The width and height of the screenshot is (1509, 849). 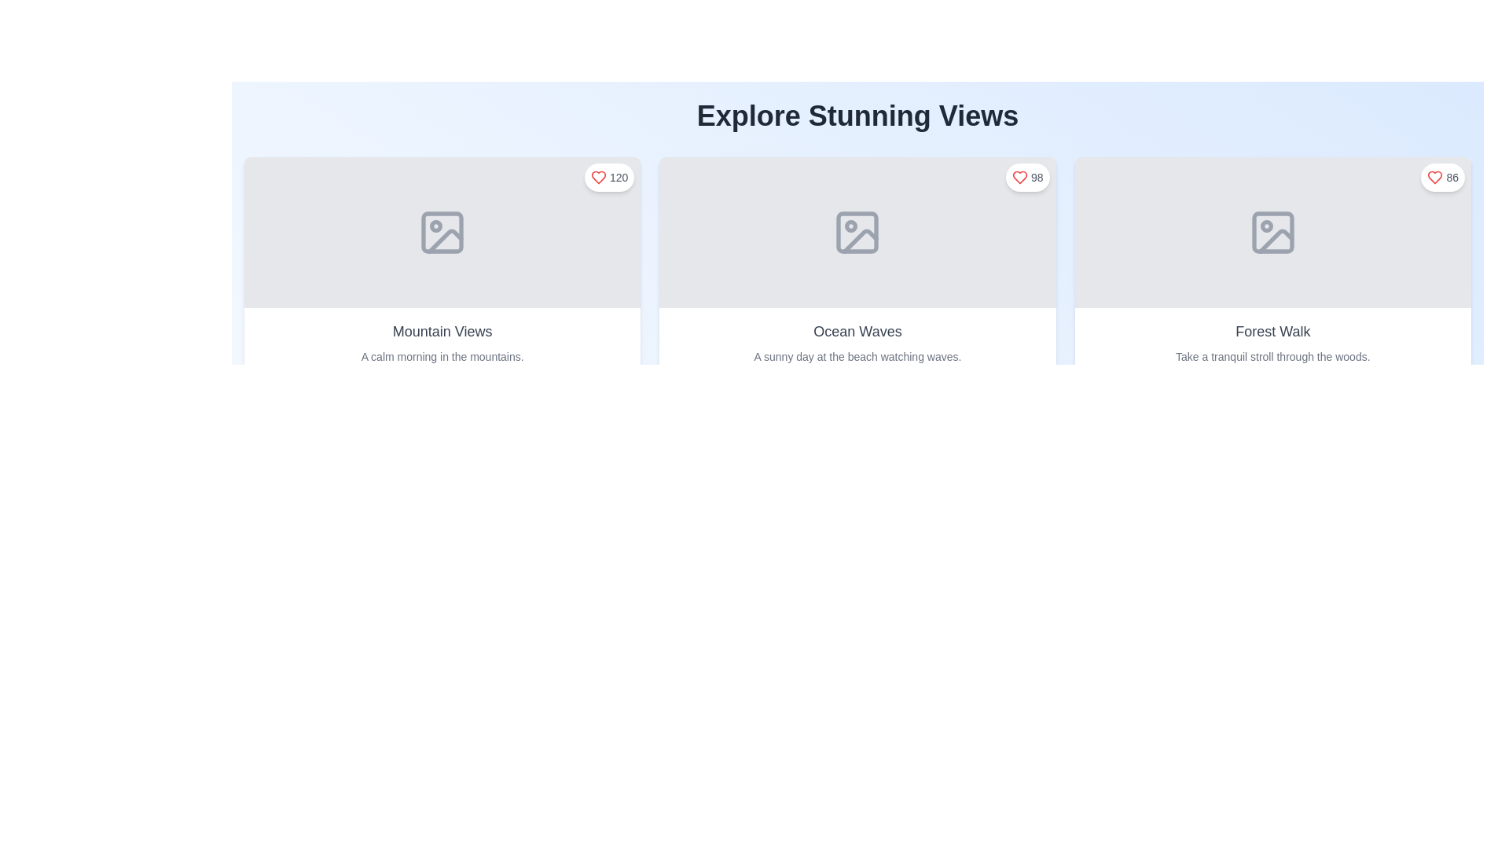 What do you see at coordinates (1037, 177) in the screenshot?
I see `the Text Label displaying the count of likes in the notification bubble at the top-right corner of the second image card` at bounding box center [1037, 177].